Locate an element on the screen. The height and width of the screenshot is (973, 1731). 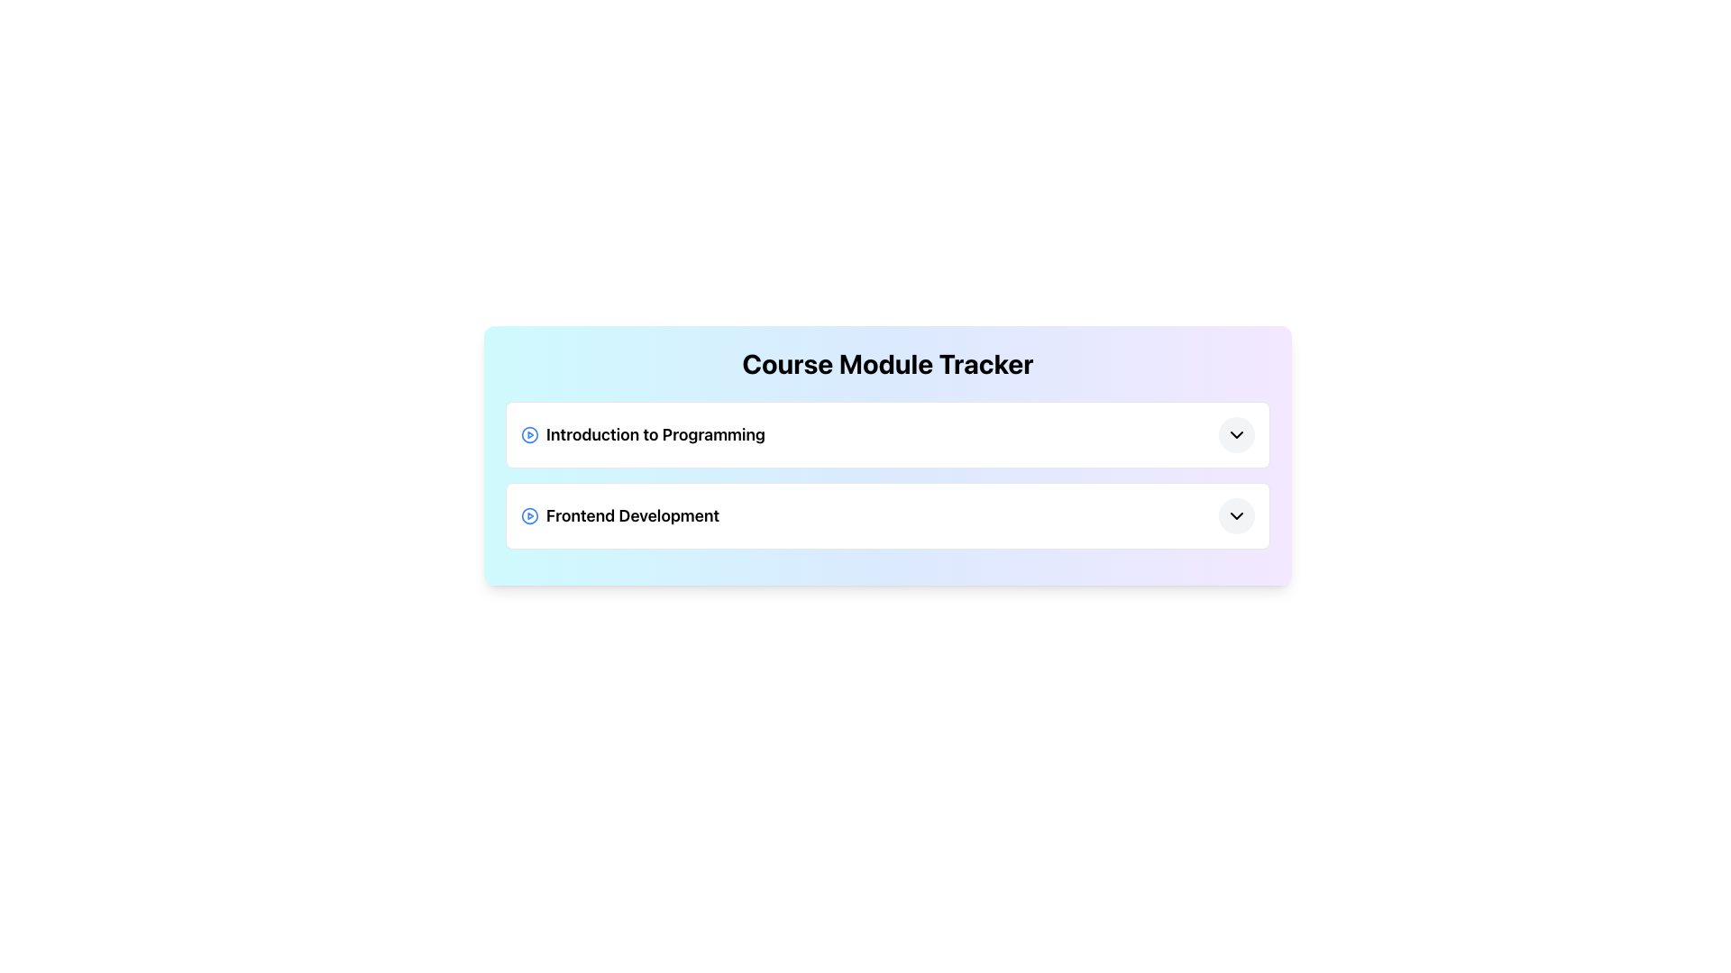
the button located at the far right of the row displaying 'Introduction to Programming' to visualize its hover effect is located at coordinates (1236, 434).